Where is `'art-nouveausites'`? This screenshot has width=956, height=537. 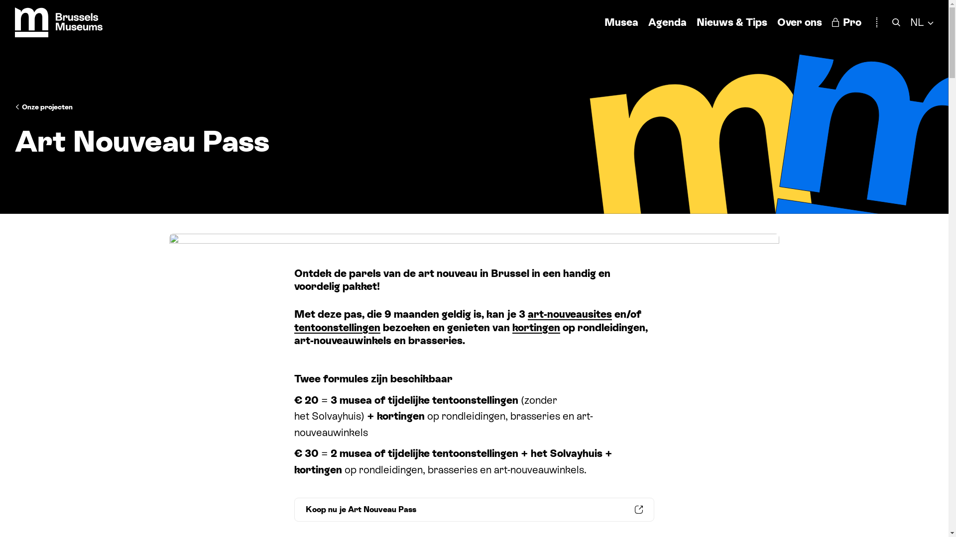
'art-nouveausites' is located at coordinates (570, 314).